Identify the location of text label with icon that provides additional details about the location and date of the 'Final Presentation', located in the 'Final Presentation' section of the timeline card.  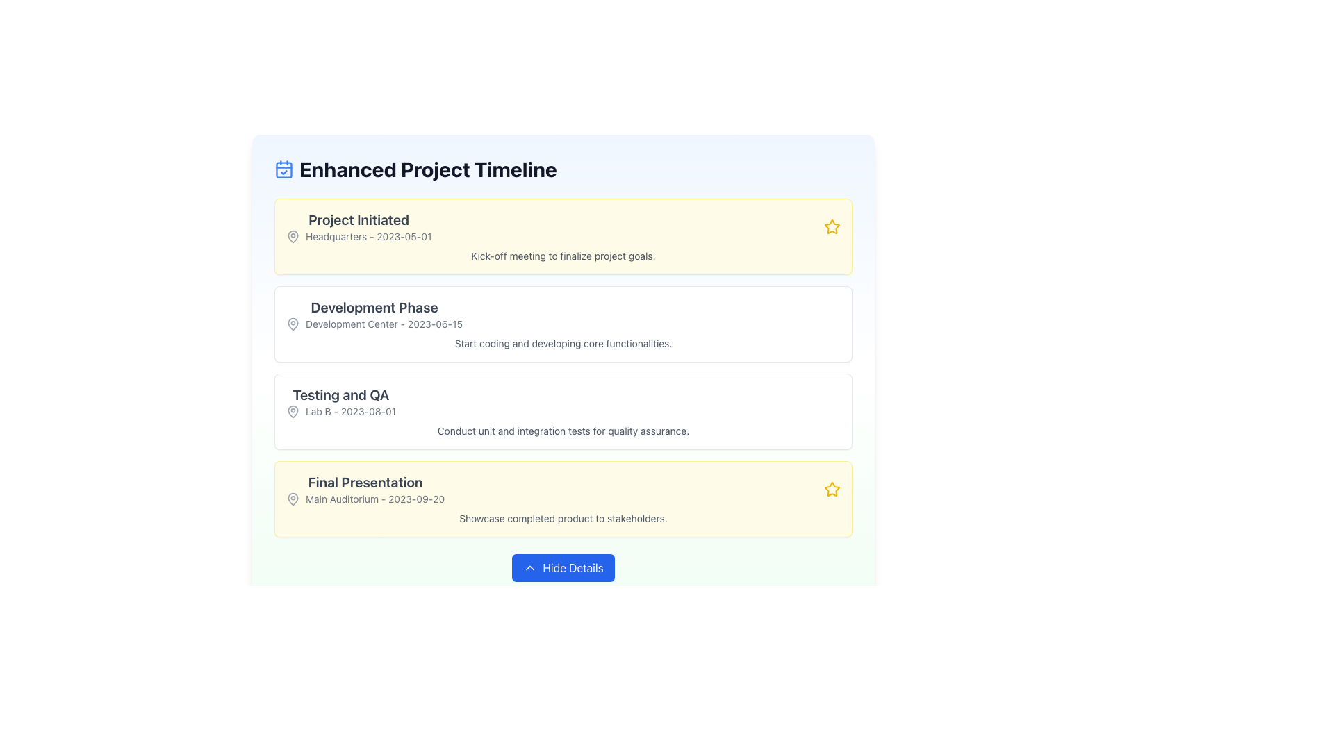
(365, 498).